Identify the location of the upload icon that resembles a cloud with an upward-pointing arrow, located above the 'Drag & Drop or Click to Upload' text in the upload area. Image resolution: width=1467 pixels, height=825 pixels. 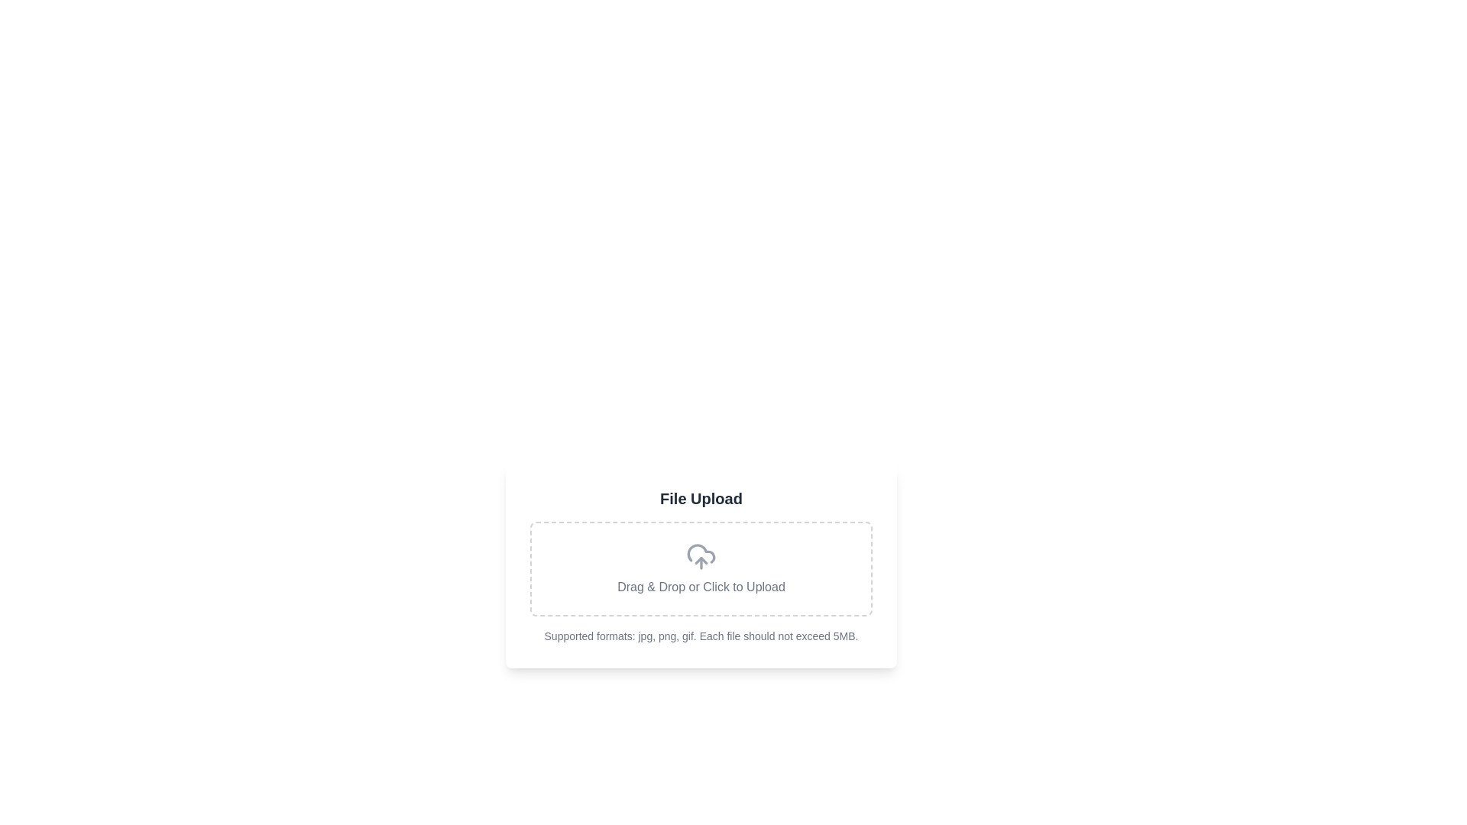
(700, 557).